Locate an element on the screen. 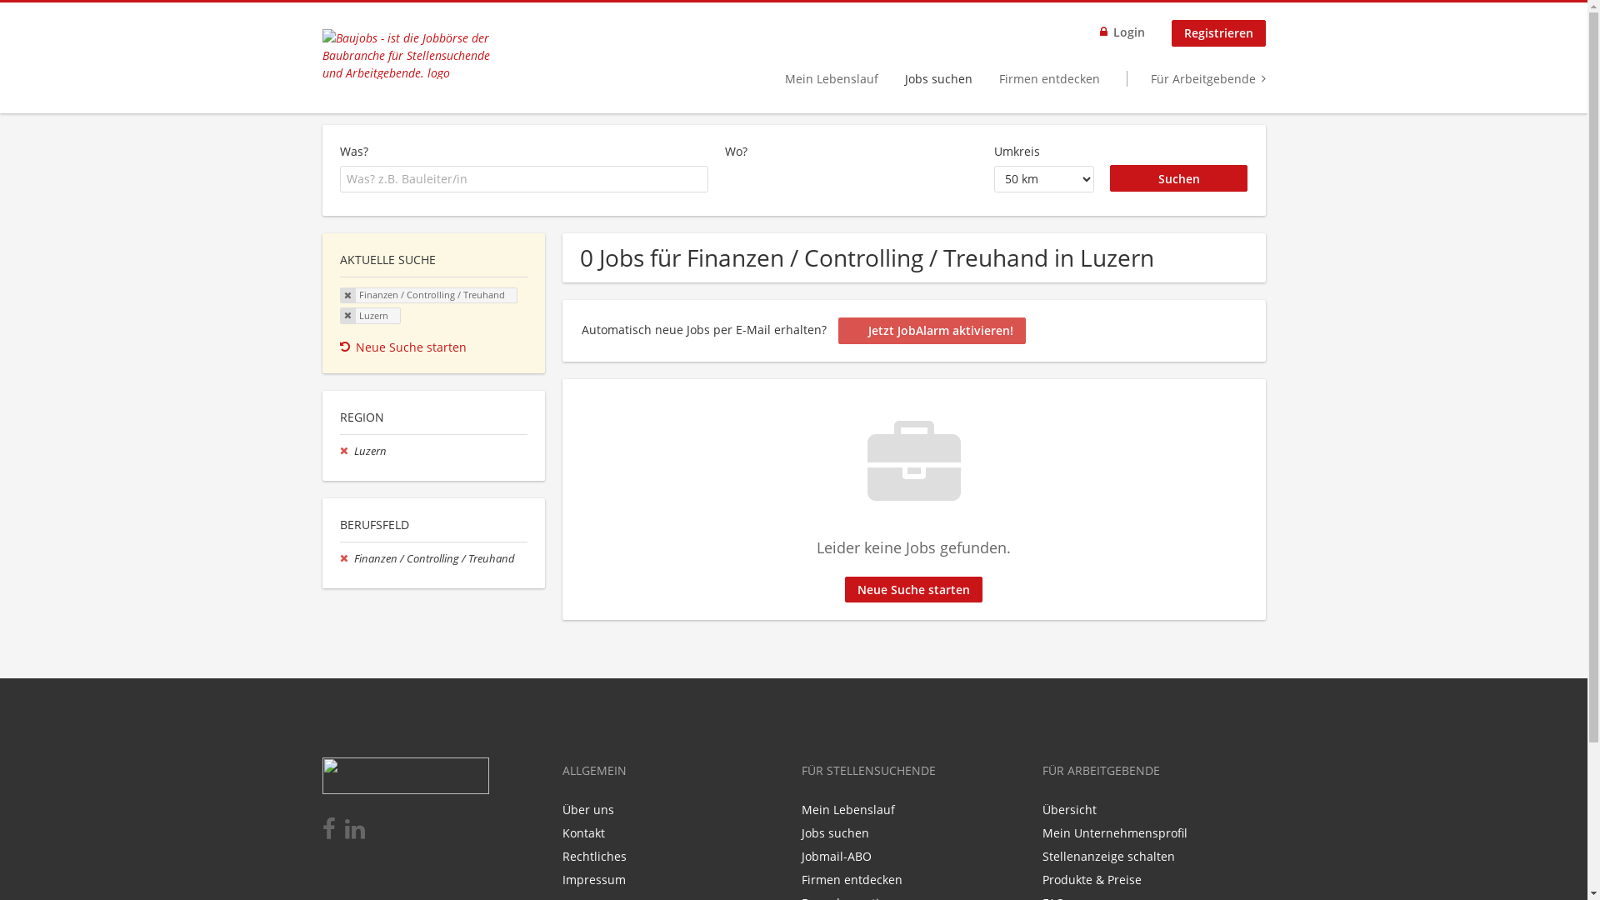 This screenshot has width=1600, height=900. 'Firmen entdecken' is located at coordinates (852, 878).